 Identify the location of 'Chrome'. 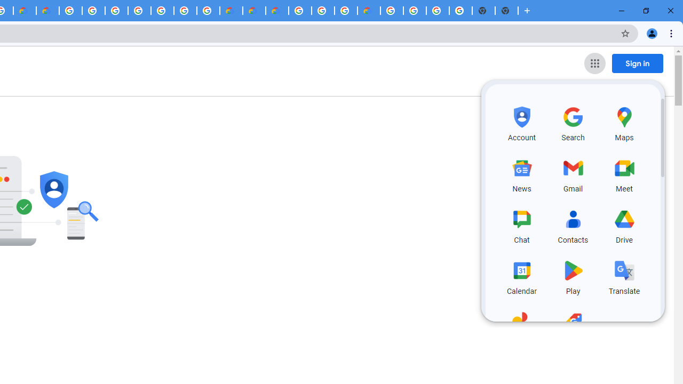
(672, 33).